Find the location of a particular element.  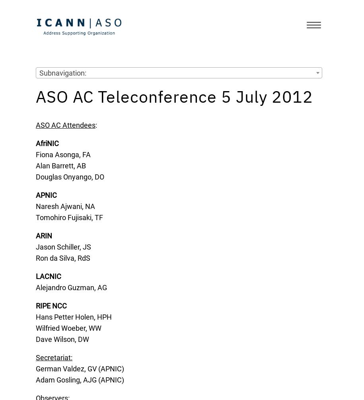

'Subnavigation:' is located at coordinates (62, 72).